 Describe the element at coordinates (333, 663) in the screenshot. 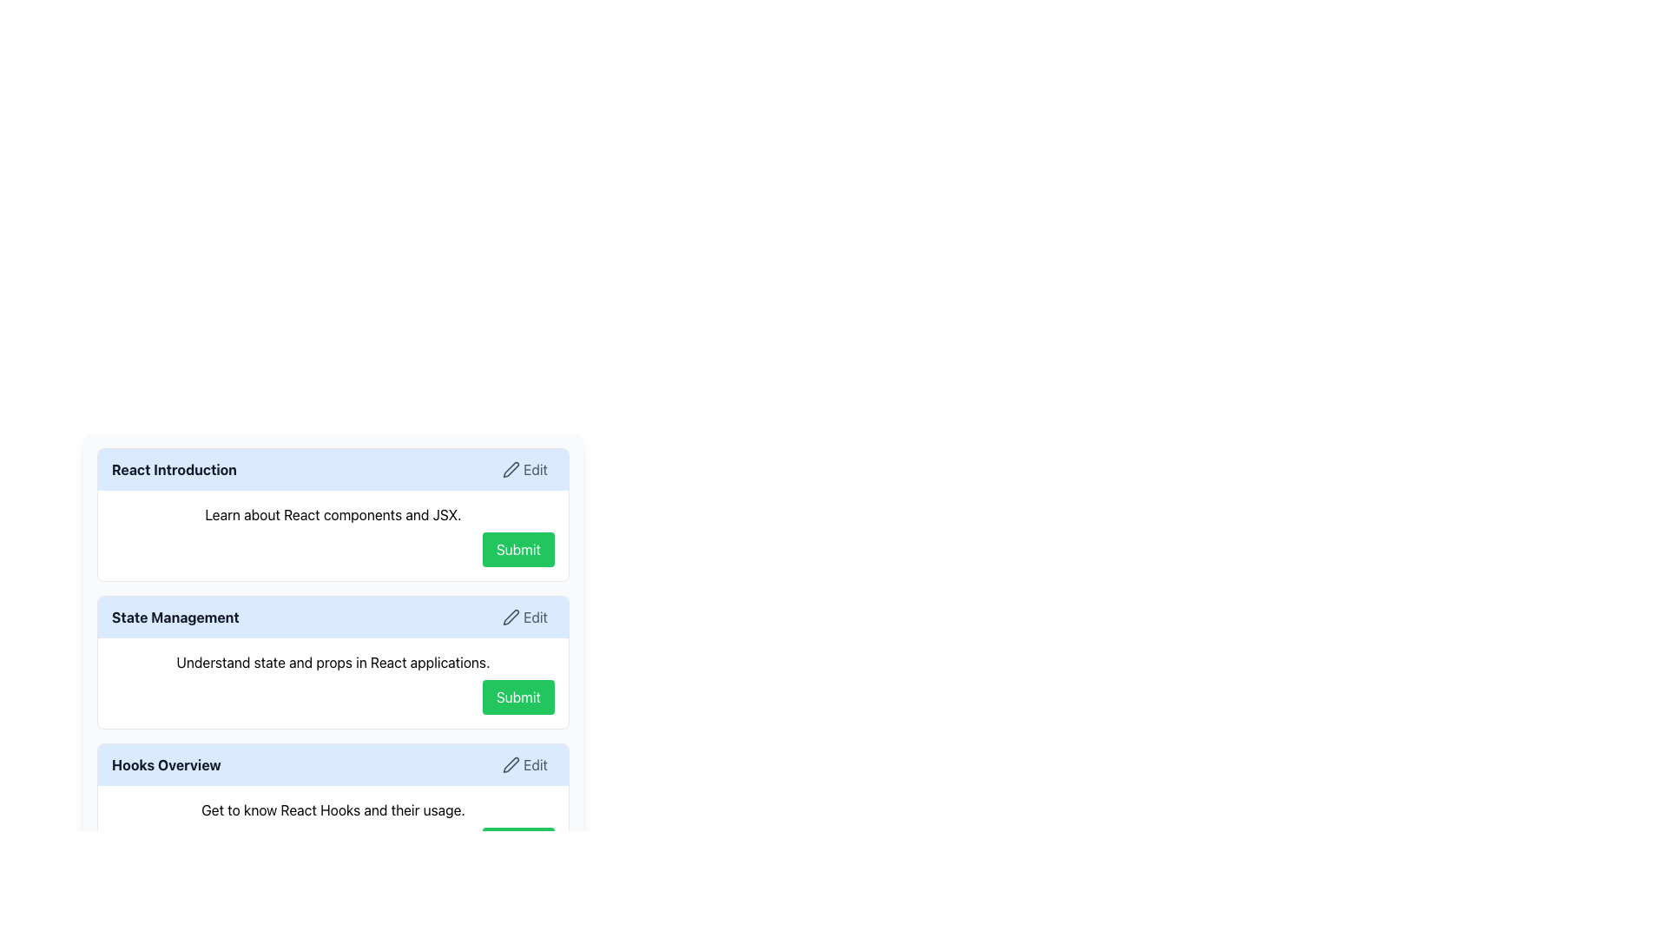

I see `the static text displaying 'Understand state and props in React applications.' located in the 'State Management' section, which is directly above the 'Submit' button` at that location.